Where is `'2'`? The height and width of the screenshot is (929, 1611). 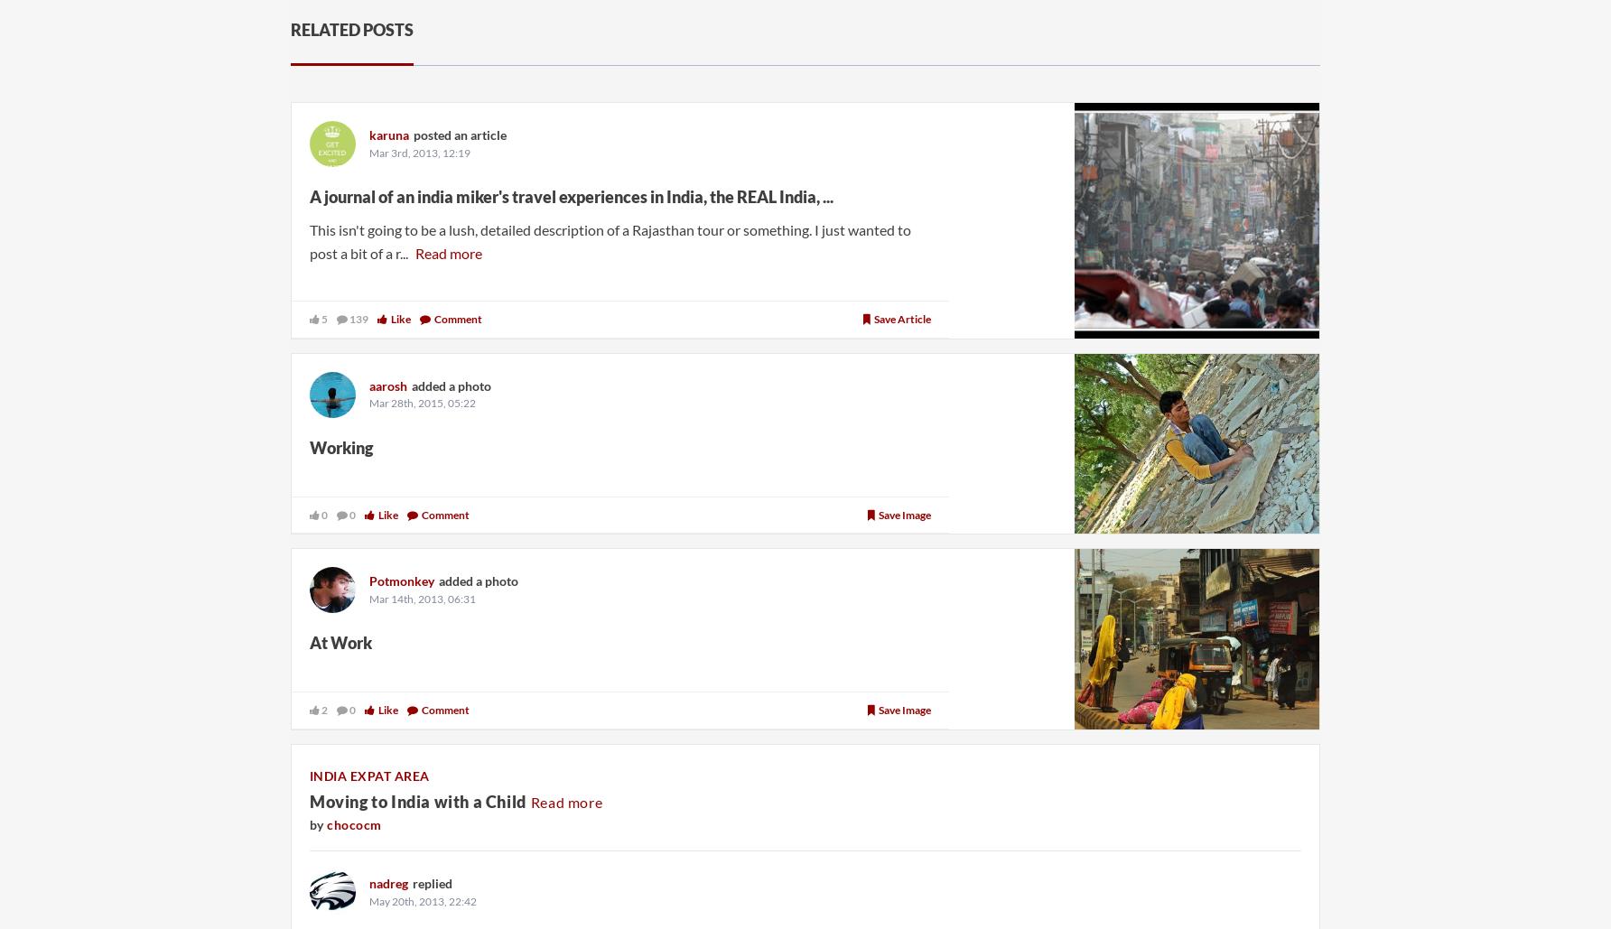
'2' is located at coordinates (322, 710).